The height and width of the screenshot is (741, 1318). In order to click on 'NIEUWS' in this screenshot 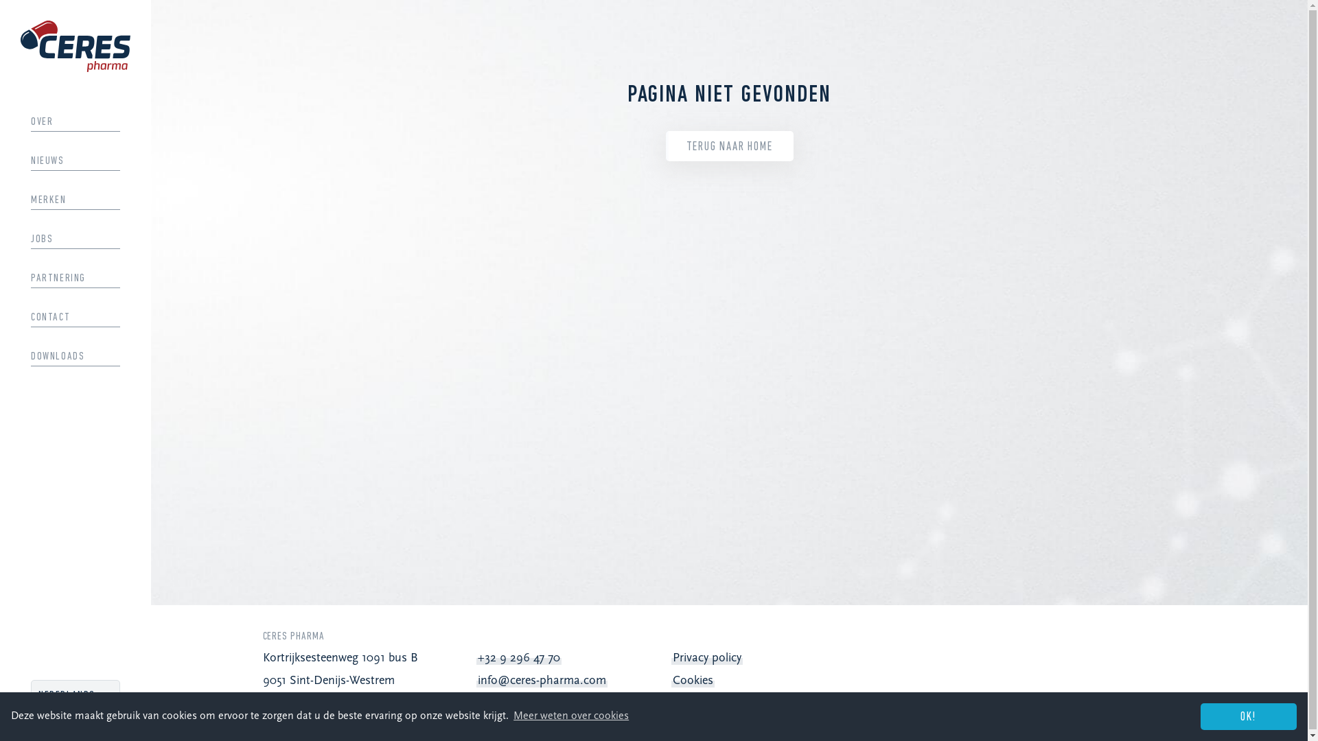, I will do `click(75, 161)`.